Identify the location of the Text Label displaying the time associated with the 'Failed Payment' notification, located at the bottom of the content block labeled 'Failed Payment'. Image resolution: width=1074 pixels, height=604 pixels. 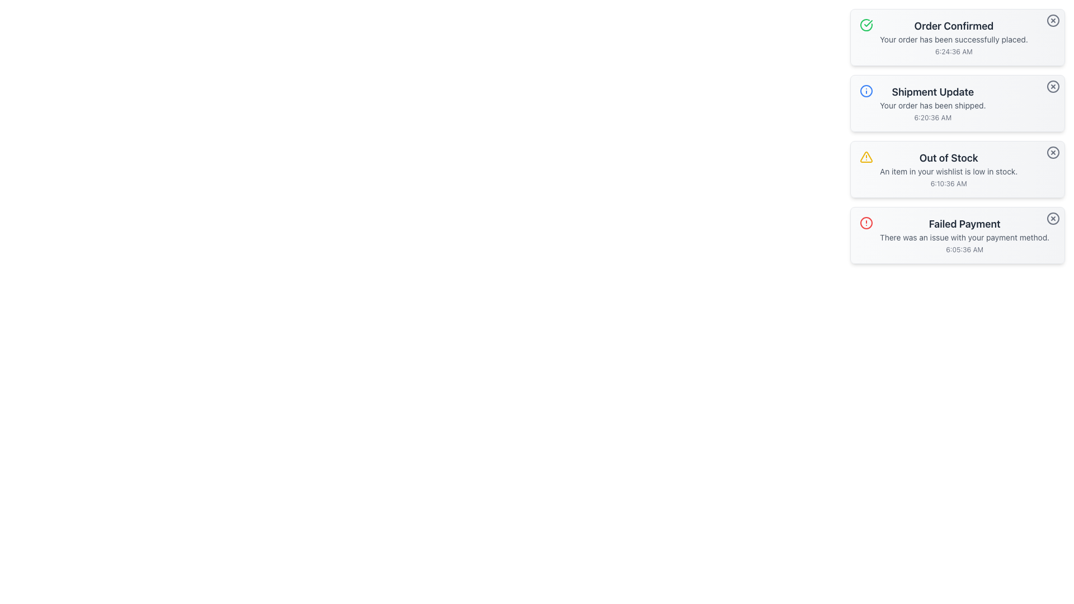
(964, 249).